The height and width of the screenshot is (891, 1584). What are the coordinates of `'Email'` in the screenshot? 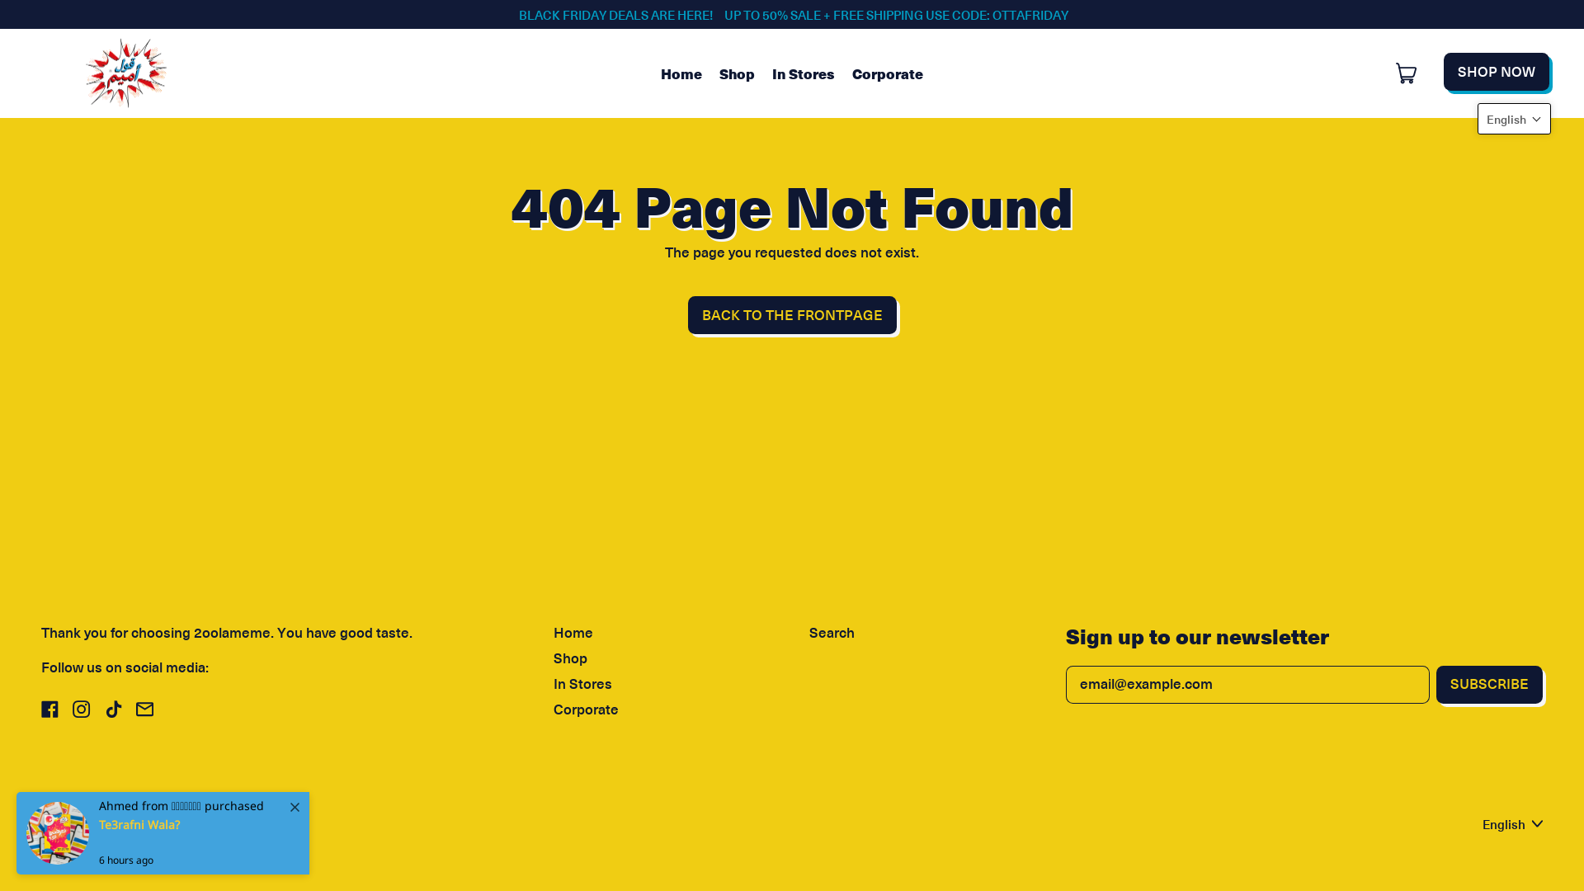 It's located at (144, 712).